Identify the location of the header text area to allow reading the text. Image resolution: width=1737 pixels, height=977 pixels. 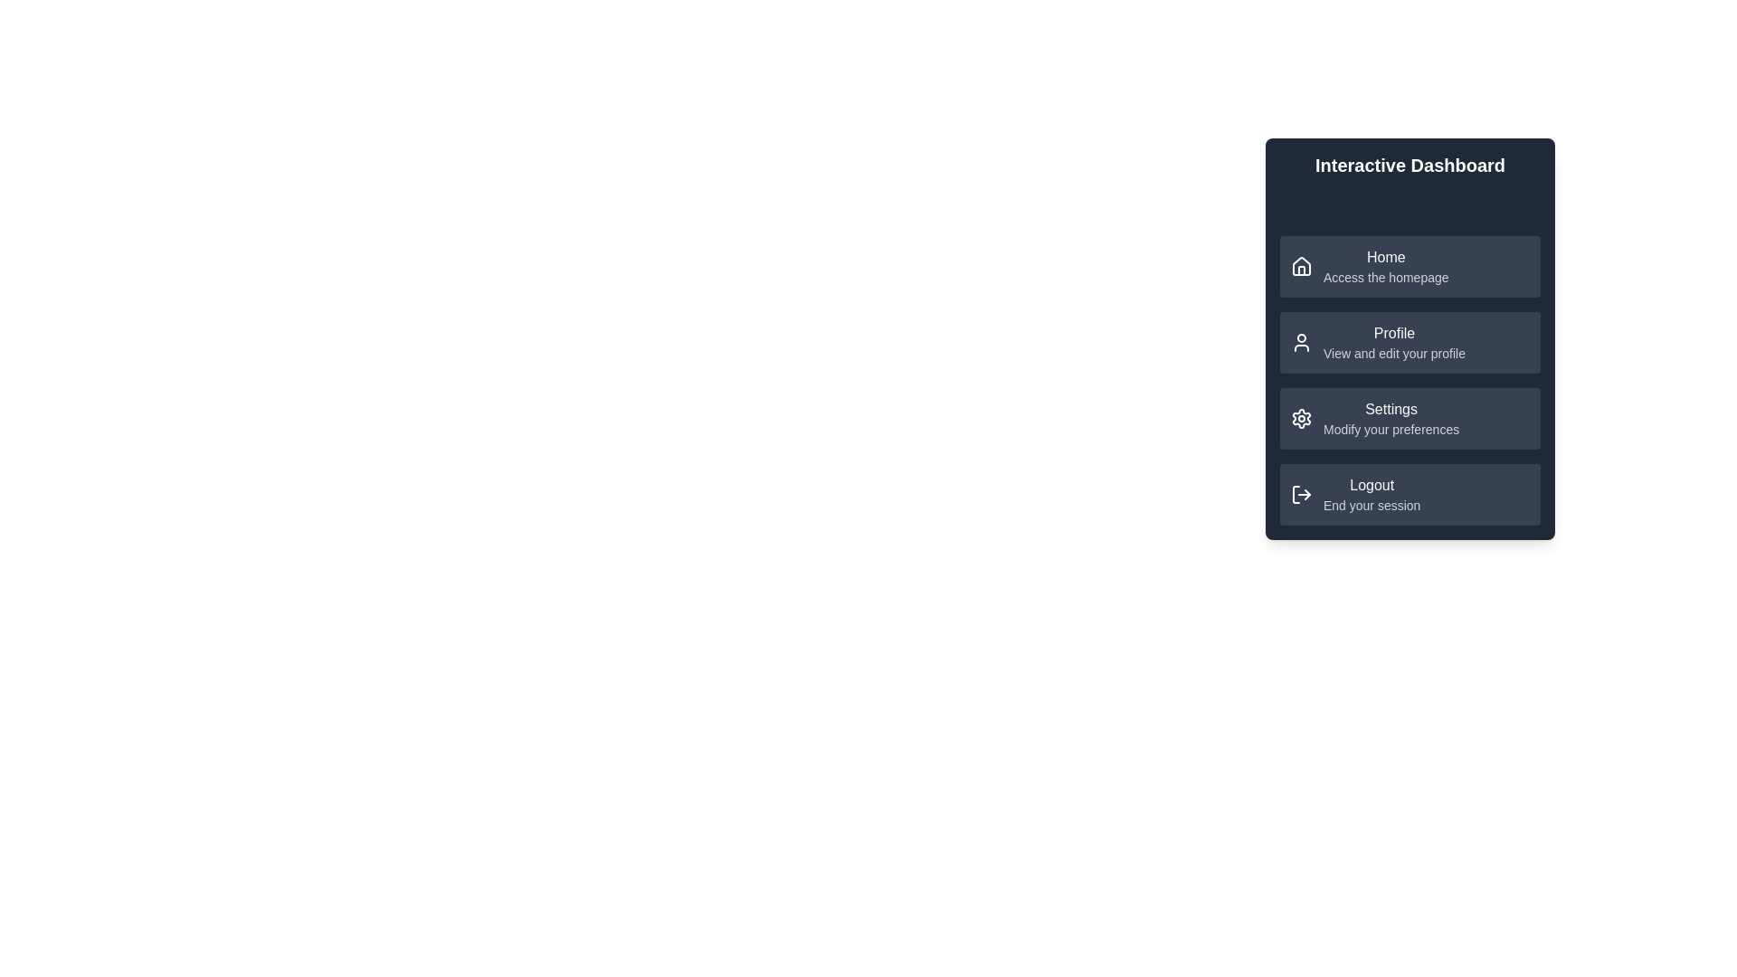
(1410, 165).